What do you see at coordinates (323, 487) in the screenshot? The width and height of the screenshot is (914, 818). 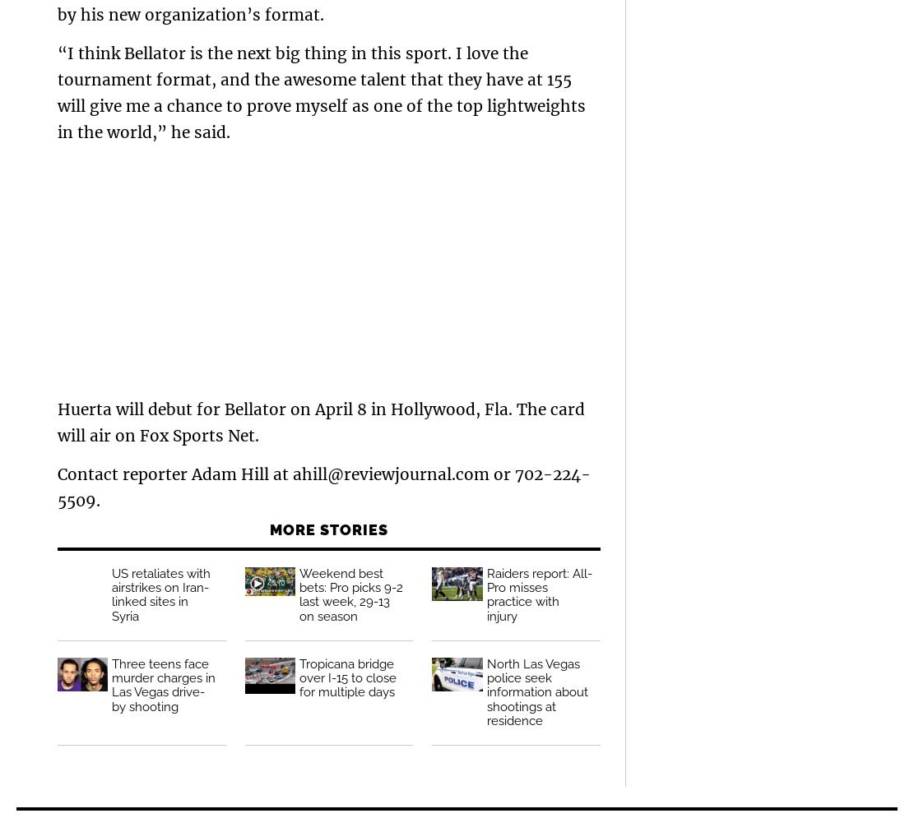 I see `'Contact reporter Adam Hill at ahill@reviewjournal.com or 702-224-5509.'` at bounding box center [323, 487].